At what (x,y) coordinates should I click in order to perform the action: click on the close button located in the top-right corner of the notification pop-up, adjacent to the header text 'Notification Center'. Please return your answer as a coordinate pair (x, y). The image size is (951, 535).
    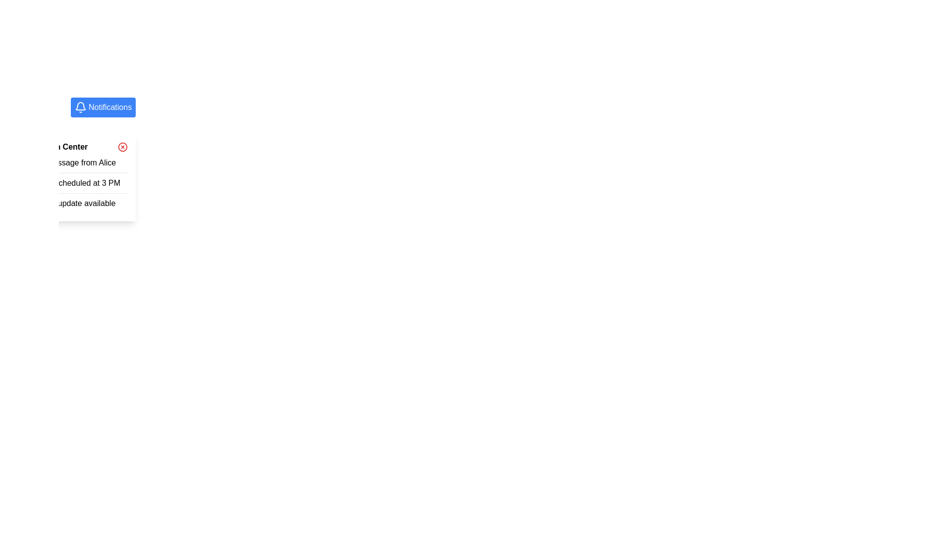
    Looking at the image, I should click on (122, 147).